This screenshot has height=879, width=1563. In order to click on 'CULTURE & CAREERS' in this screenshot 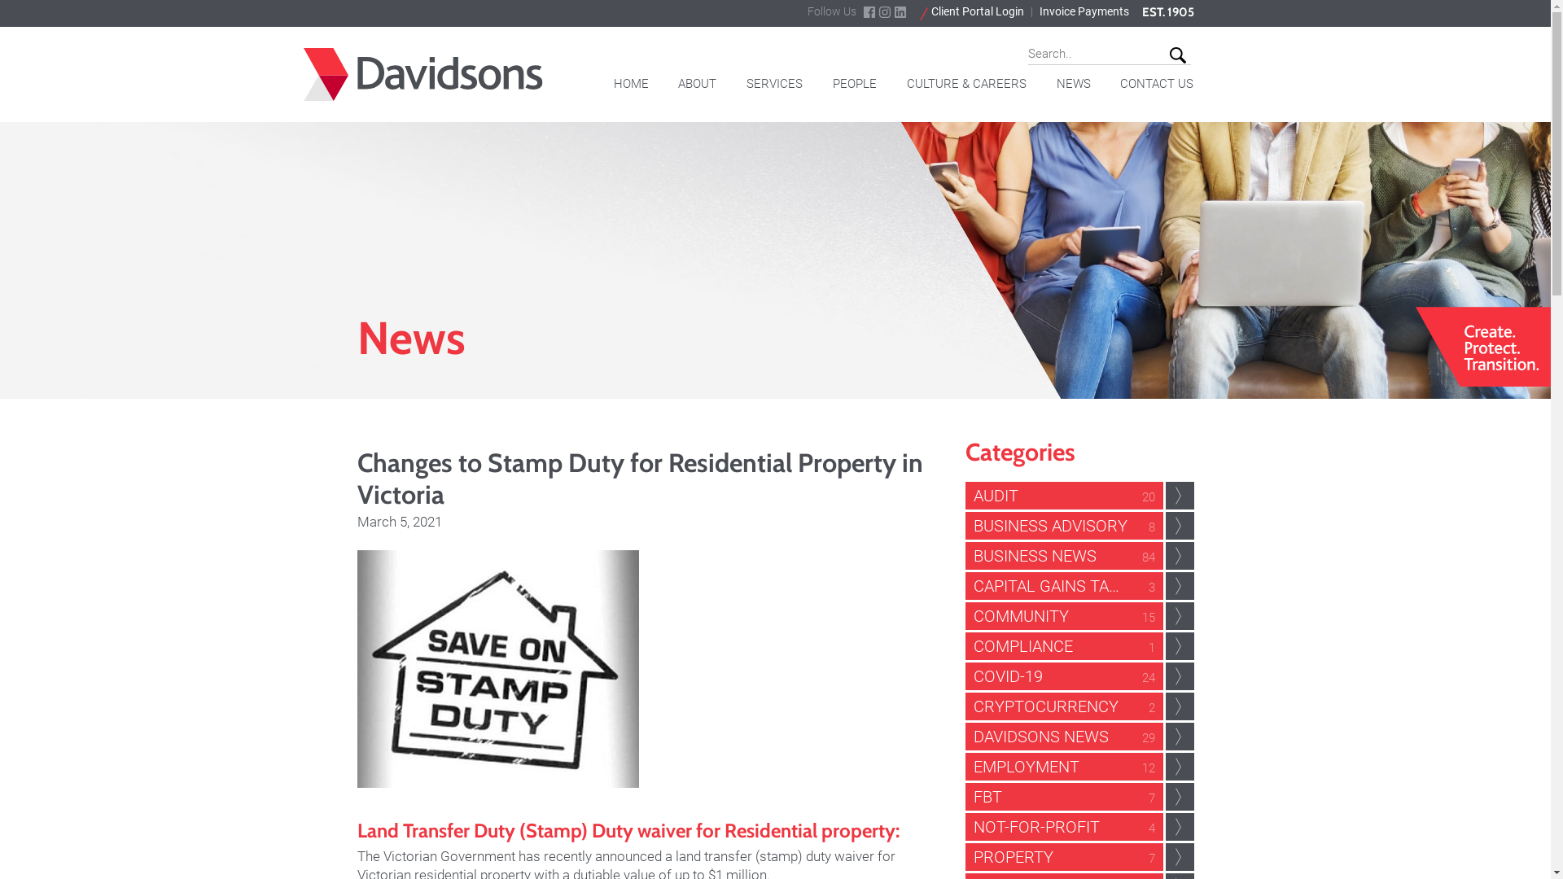, I will do `click(905, 88)`.